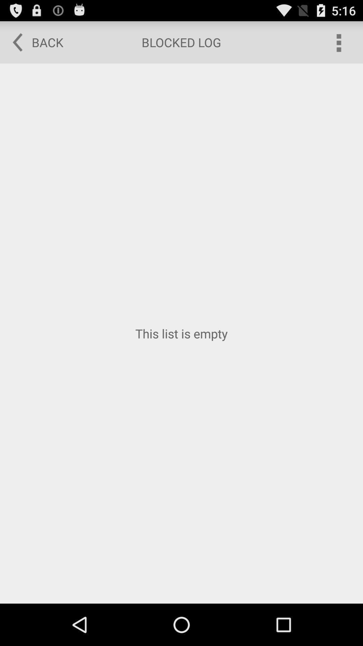 Image resolution: width=363 pixels, height=646 pixels. Describe the element at coordinates (33, 42) in the screenshot. I see `back button` at that location.